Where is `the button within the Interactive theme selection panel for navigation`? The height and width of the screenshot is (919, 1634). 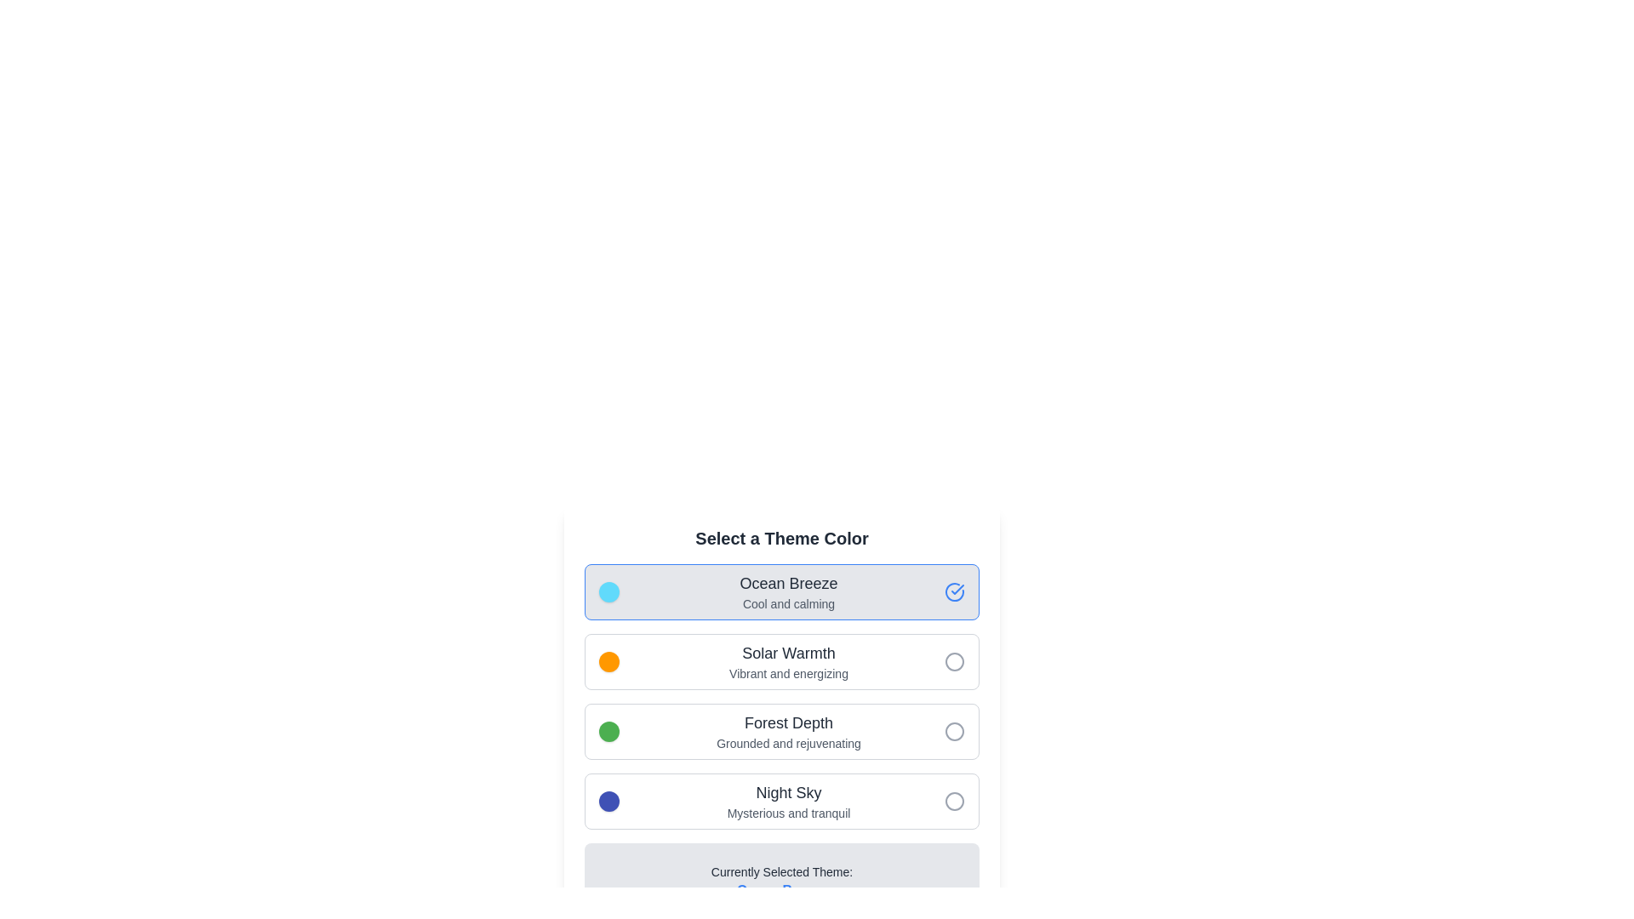 the button within the Interactive theme selection panel for navigation is located at coordinates (780, 696).